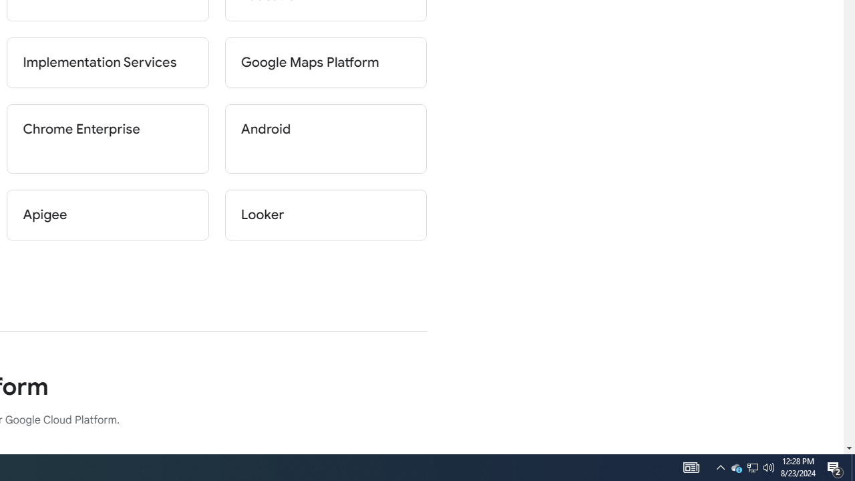  What do you see at coordinates (108, 214) in the screenshot?
I see `'Apigee'` at bounding box center [108, 214].